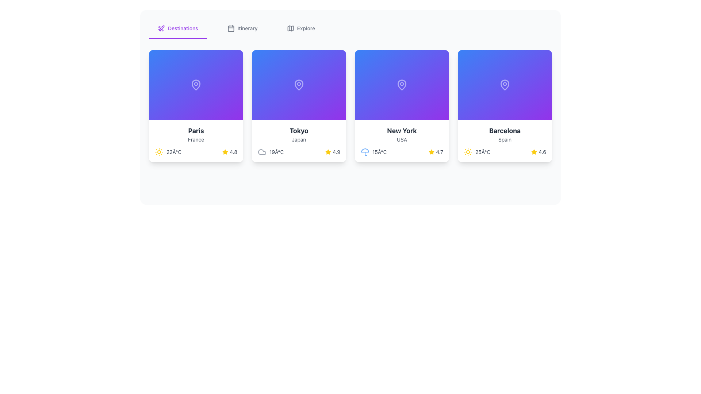 This screenshot has height=394, width=701. What do you see at coordinates (539, 151) in the screenshot?
I see `the rating display element, which consists of a yellow star icon and the text '4.6', located in the lower right section of the rightmost card adjacent to '25°C'` at bounding box center [539, 151].